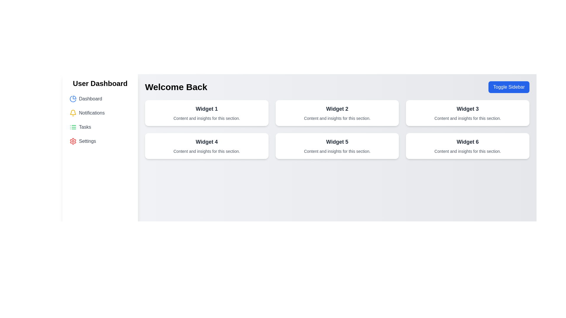  What do you see at coordinates (509, 87) in the screenshot?
I see `the 'Toggle Sidebar' button, which is a rectangular button with rounded corners, blue background, and white text` at bounding box center [509, 87].